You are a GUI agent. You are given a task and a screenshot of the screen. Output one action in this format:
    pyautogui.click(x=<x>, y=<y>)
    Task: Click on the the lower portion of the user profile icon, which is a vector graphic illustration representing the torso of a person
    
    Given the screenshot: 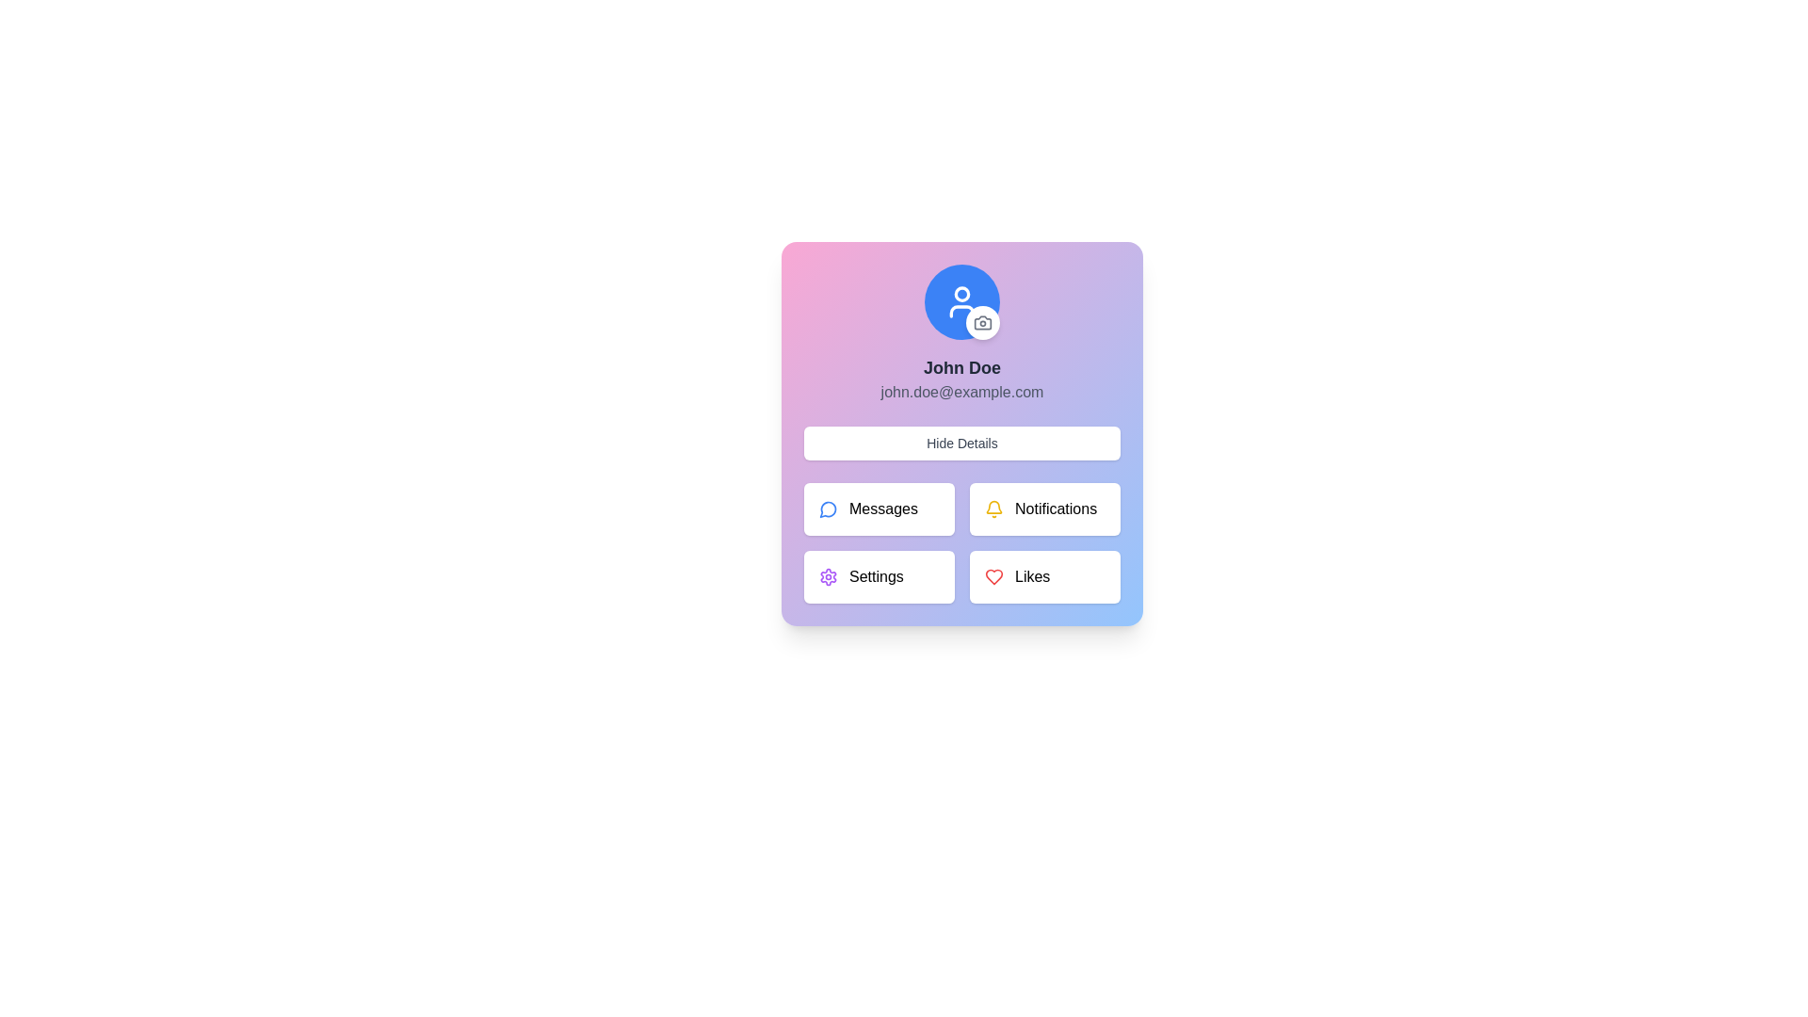 What is the action you would take?
    pyautogui.click(x=962, y=311)
    